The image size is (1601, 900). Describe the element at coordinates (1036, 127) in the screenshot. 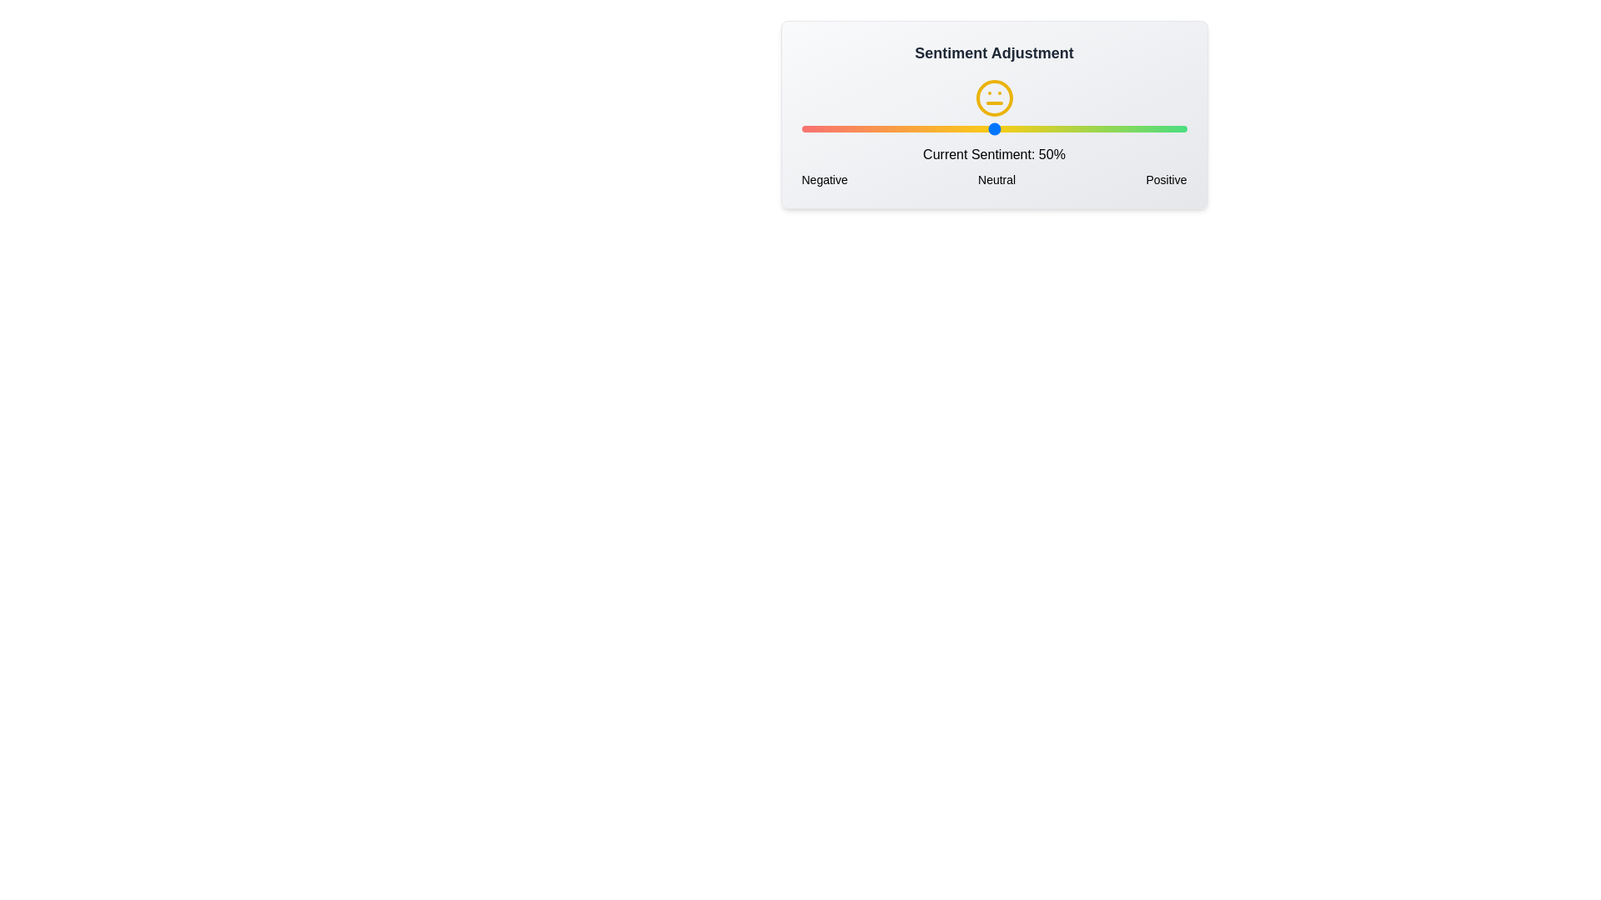

I see `the sentiment slider to 61%` at that location.